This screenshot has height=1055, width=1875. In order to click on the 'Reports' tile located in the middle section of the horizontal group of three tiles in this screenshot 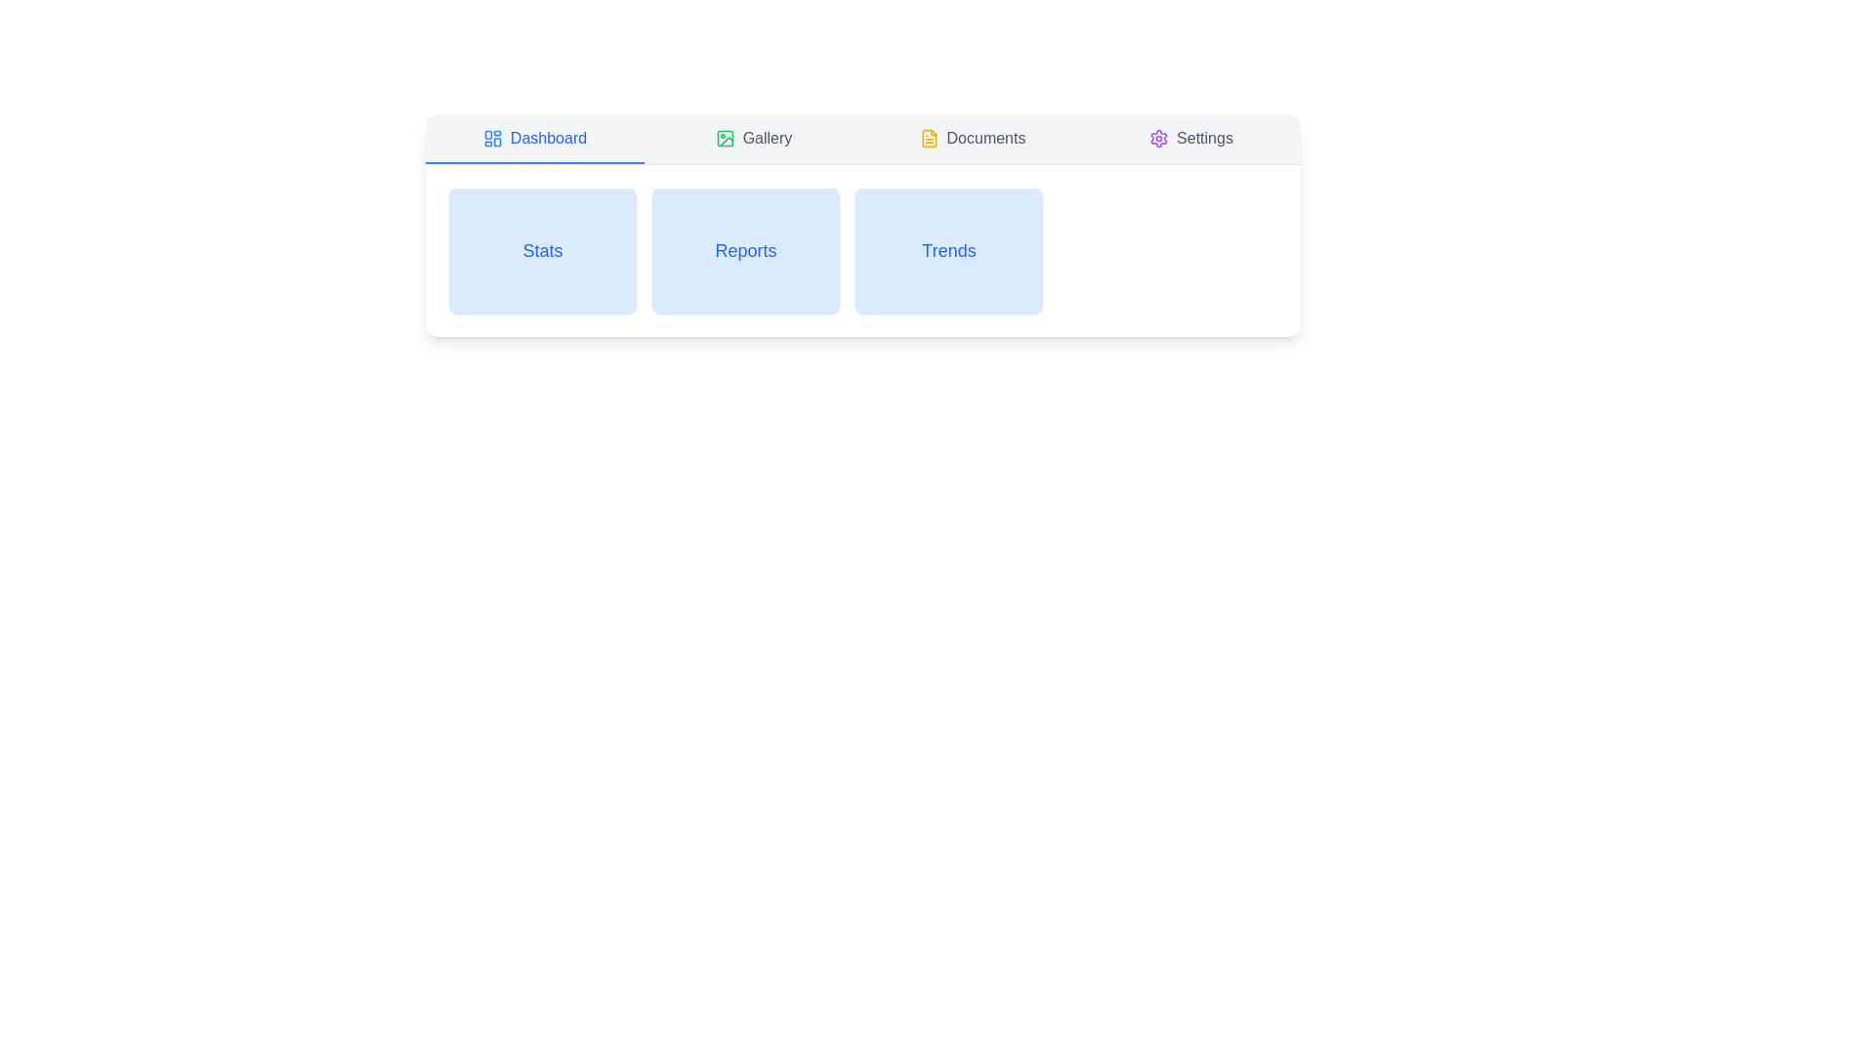, I will do `click(744, 250)`.